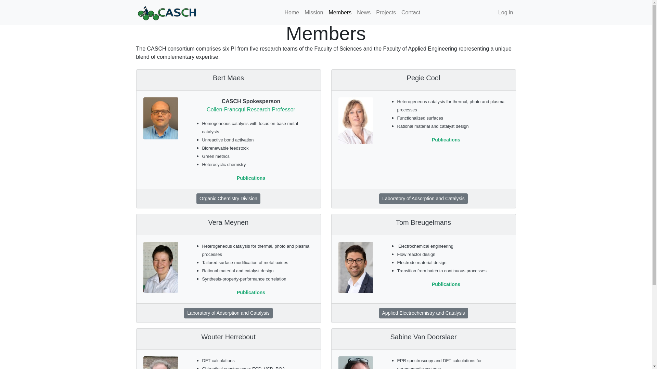  What do you see at coordinates (506, 13) in the screenshot?
I see `'Log in'` at bounding box center [506, 13].